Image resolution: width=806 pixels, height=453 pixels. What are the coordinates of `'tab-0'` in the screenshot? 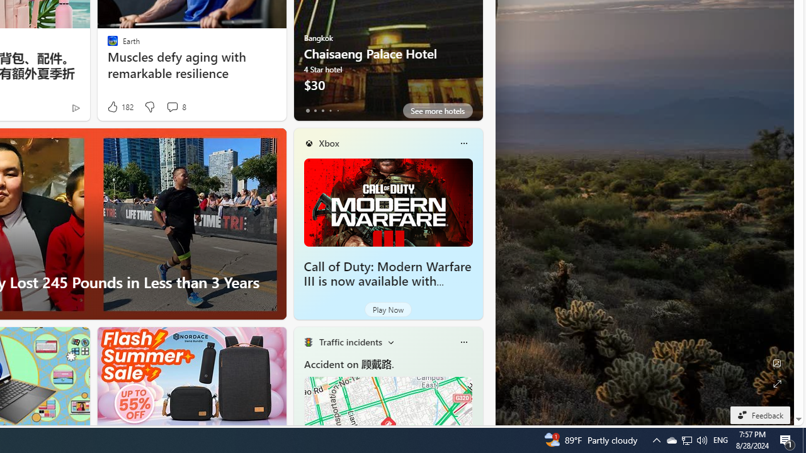 It's located at (307, 110).